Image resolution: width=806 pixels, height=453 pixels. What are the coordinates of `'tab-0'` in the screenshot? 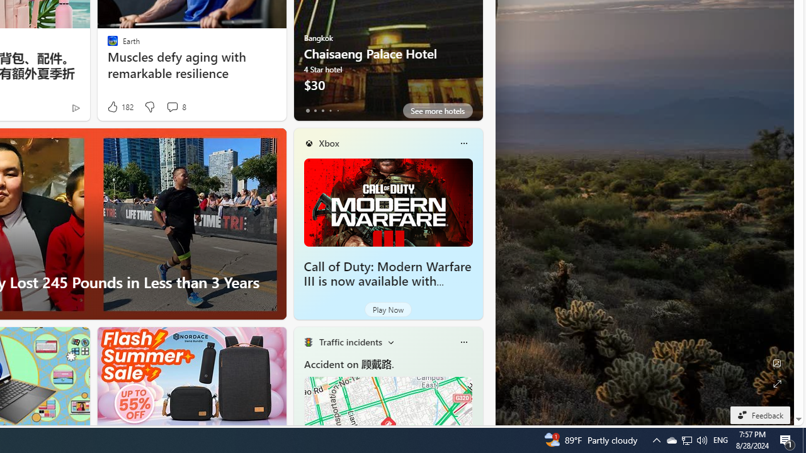 It's located at (307, 110).